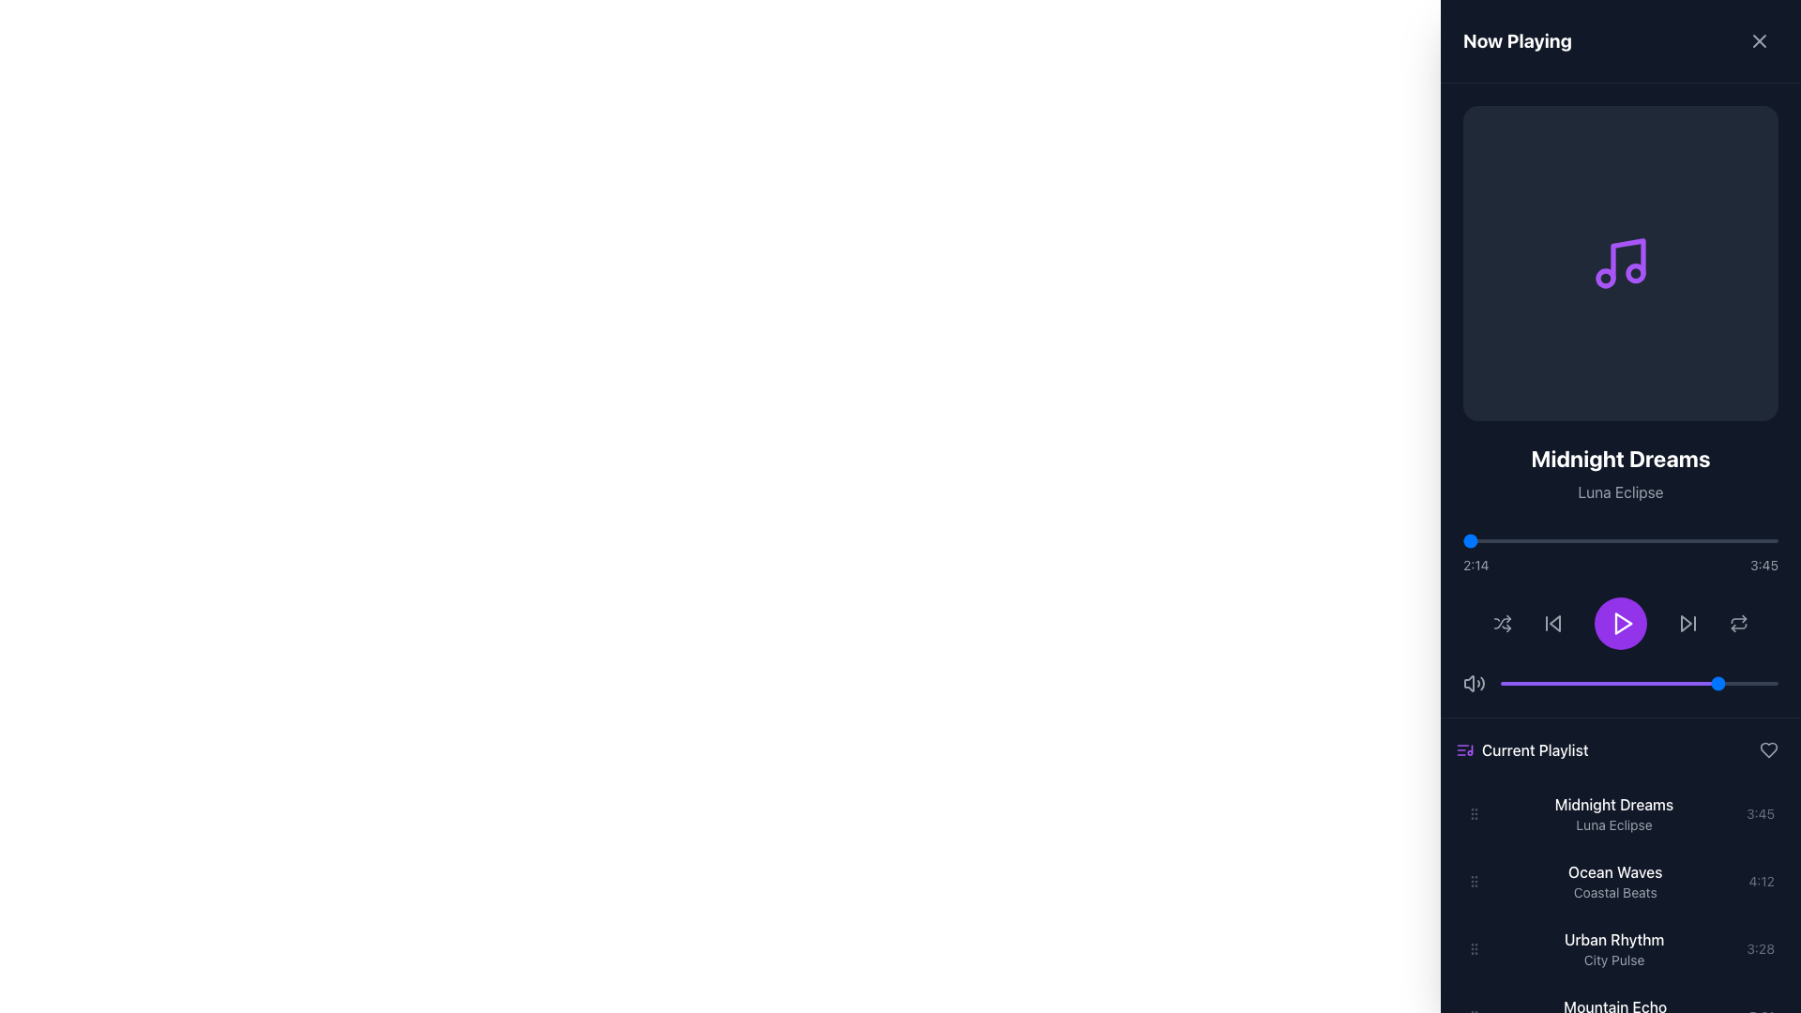 The height and width of the screenshot is (1013, 1801). What do you see at coordinates (1768, 748) in the screenshot?
I see `the heart icon located in the top-right corner of the 'Current Playlist' section` at bounding box center [1768, 748].